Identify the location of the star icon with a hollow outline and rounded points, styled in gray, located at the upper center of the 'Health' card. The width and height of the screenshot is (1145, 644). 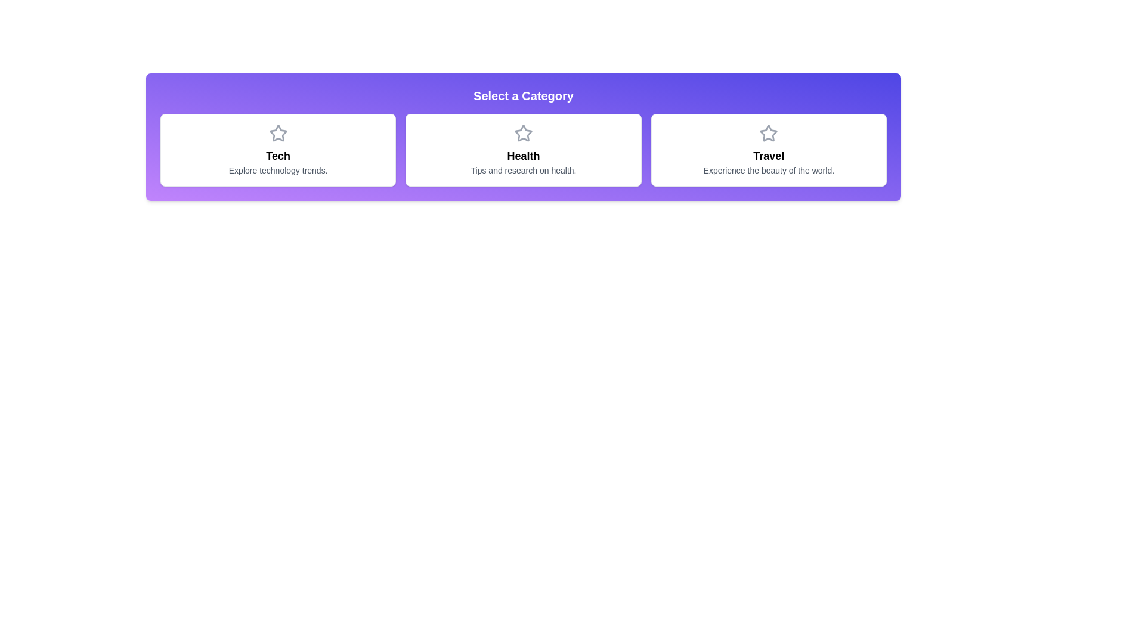
(524, 133).